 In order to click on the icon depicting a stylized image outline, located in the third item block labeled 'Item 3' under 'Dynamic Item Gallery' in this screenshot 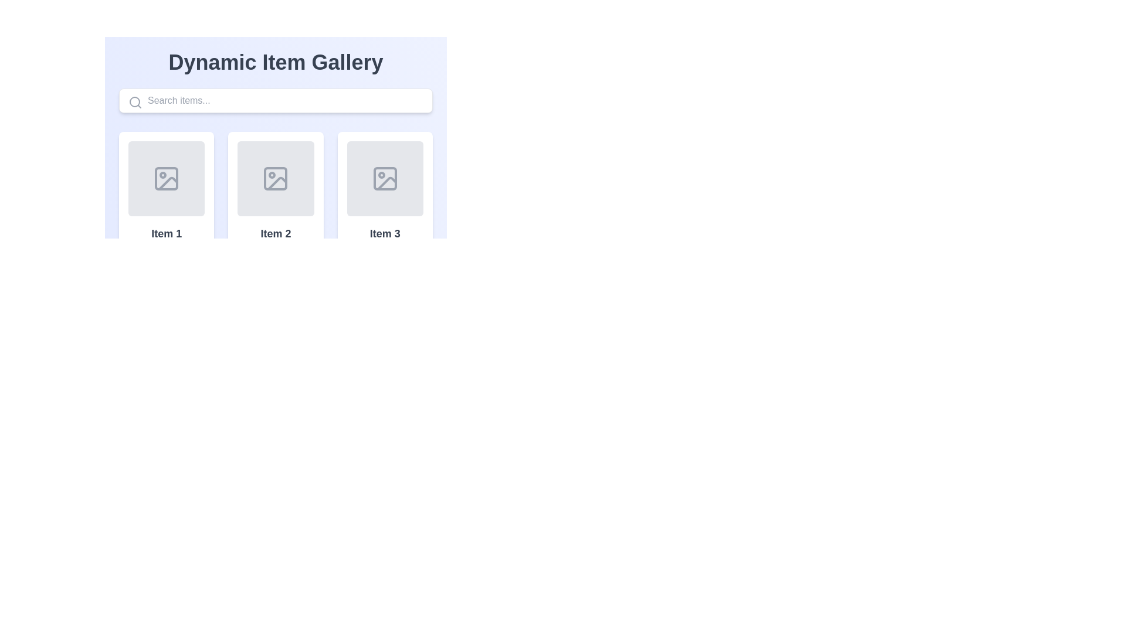, I will do `click(385, 178)`.